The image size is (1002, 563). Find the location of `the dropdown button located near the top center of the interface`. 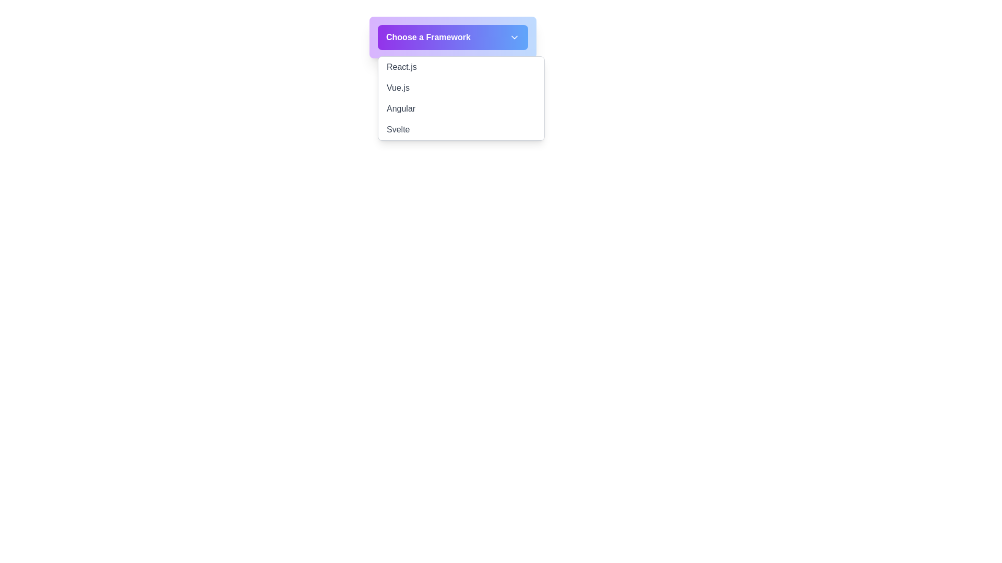

the dropdown button located near the top center of the interface is located at coordinates (453, 37).